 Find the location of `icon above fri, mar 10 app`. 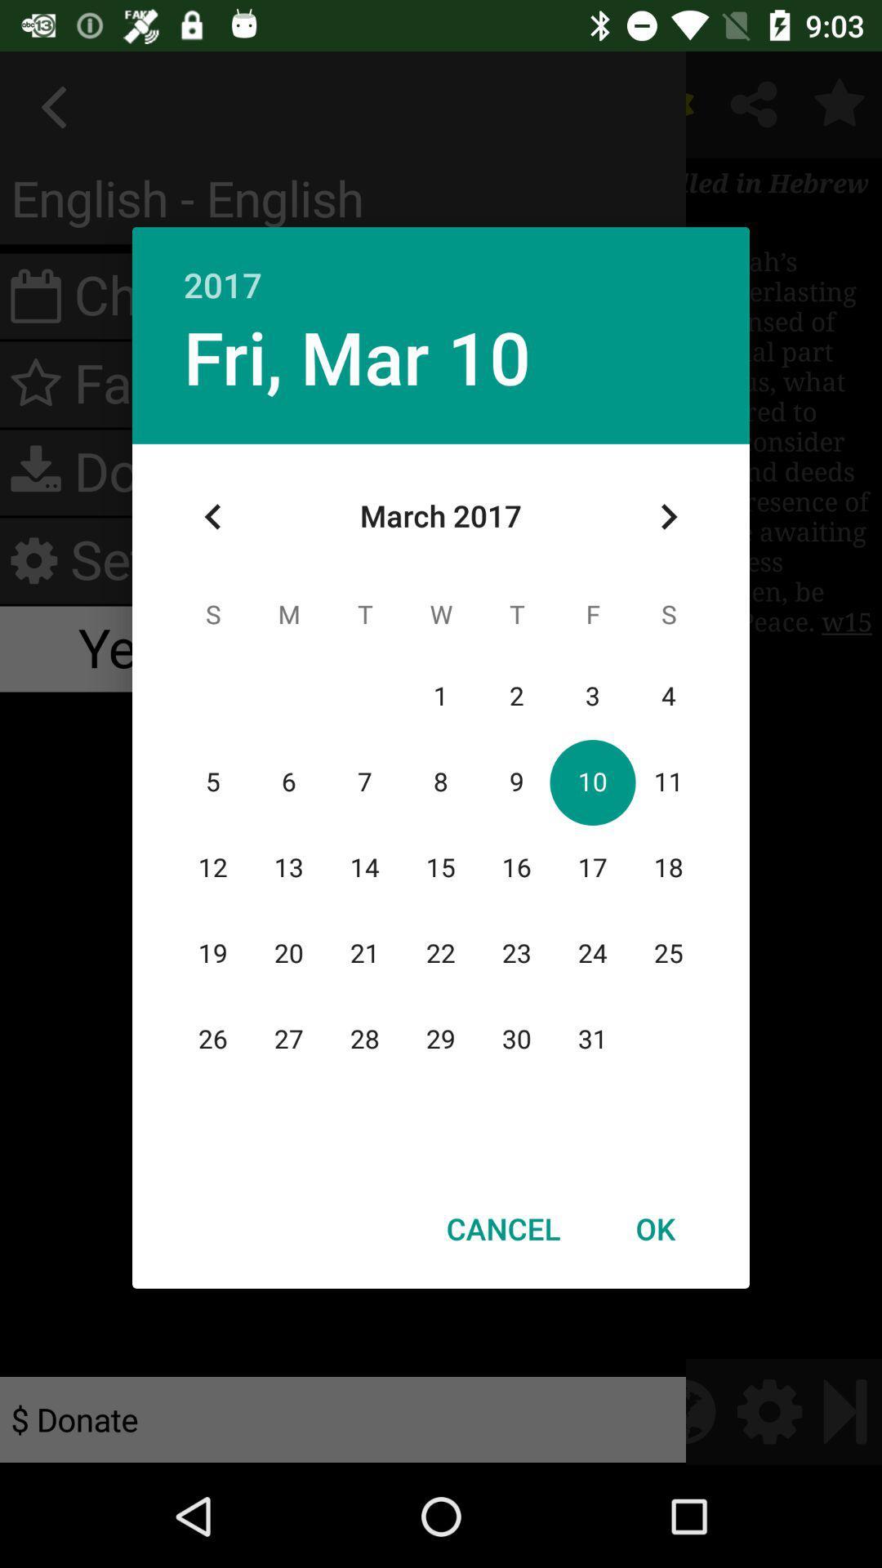

icon above fri, mar 10 app is located at coordinates (441, 267).